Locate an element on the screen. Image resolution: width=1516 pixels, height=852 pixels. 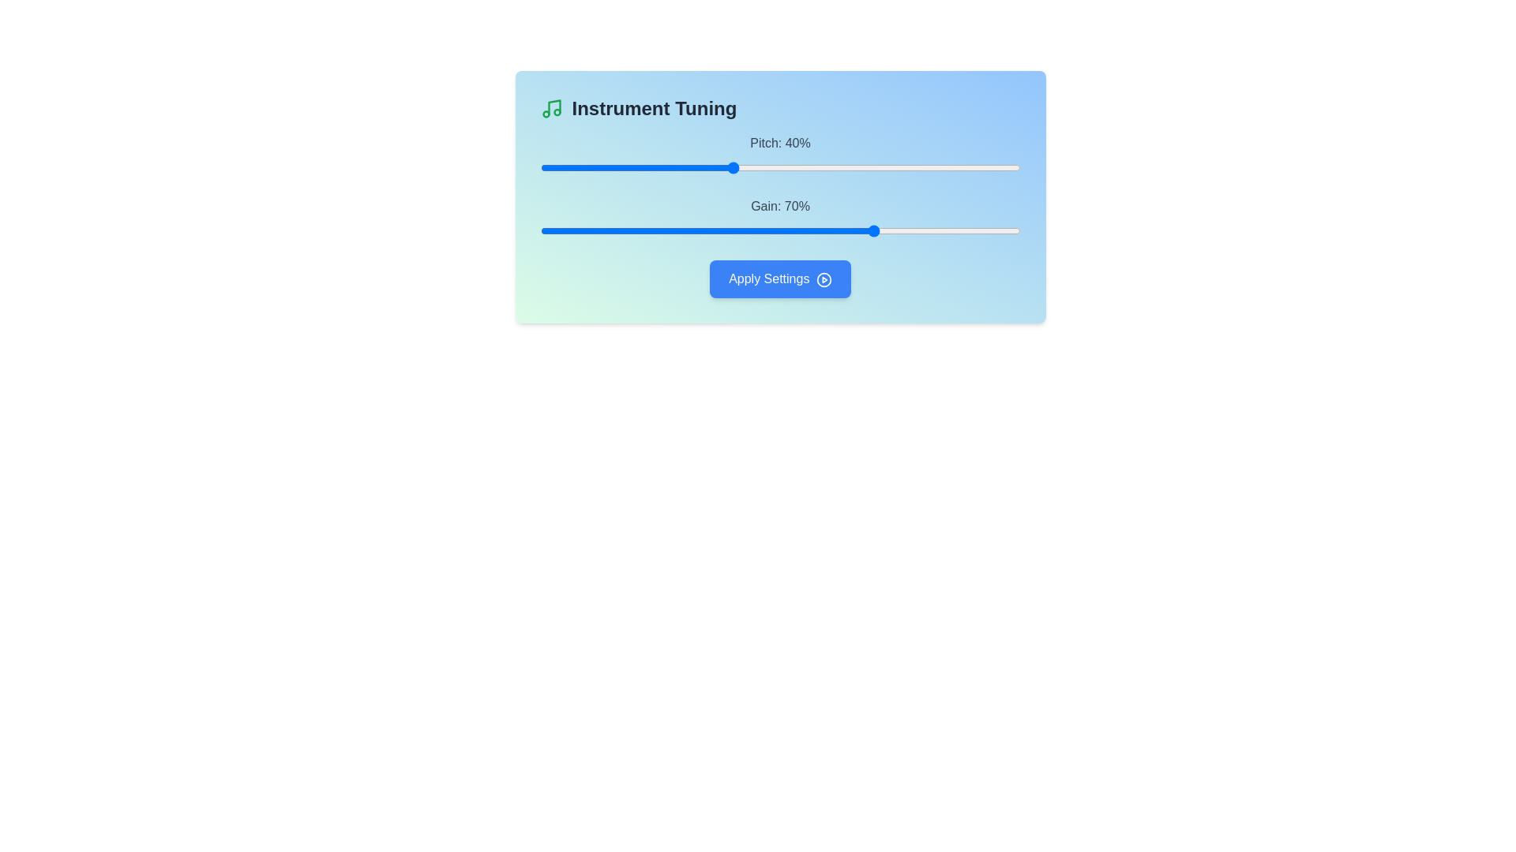
the pitch slider to set its value to 14 is located at coordinates (606, 167).